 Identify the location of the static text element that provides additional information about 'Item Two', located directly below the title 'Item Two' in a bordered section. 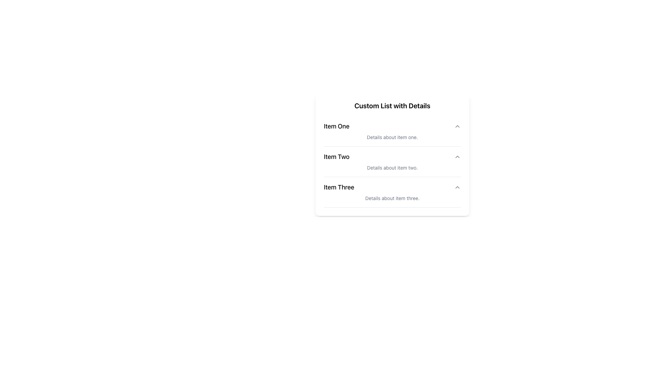
(392, 168).